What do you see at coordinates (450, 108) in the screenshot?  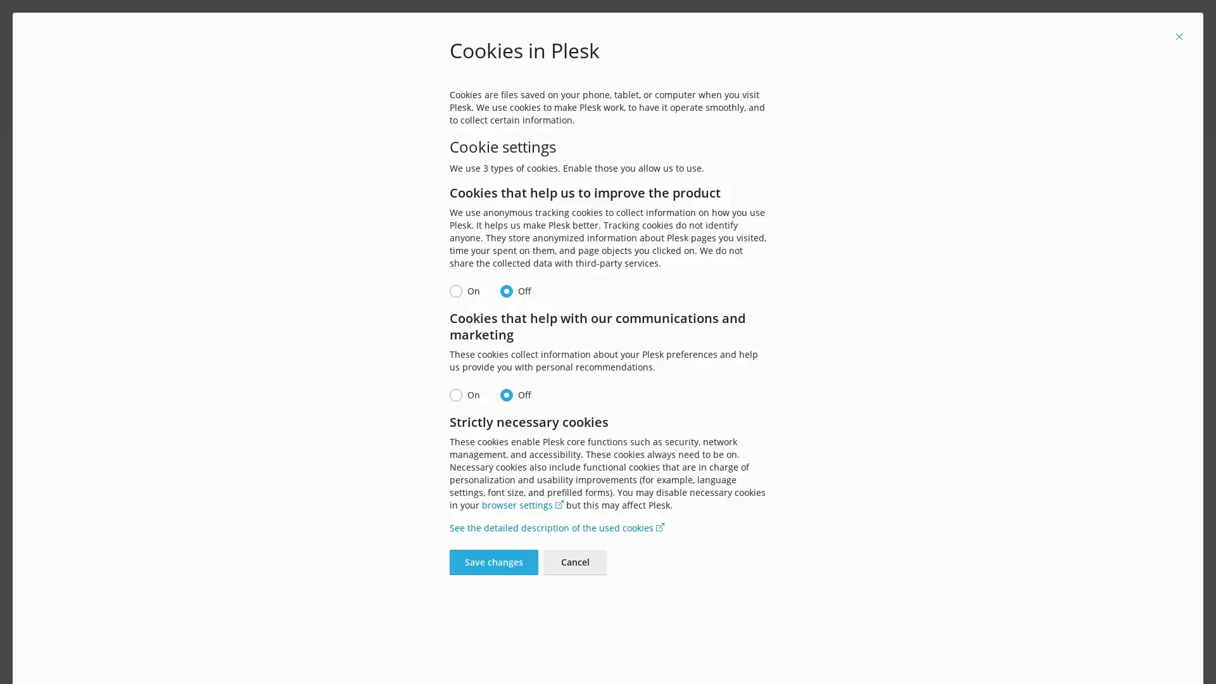 I see `Accept all cookies` at bounding box center [450, 108].